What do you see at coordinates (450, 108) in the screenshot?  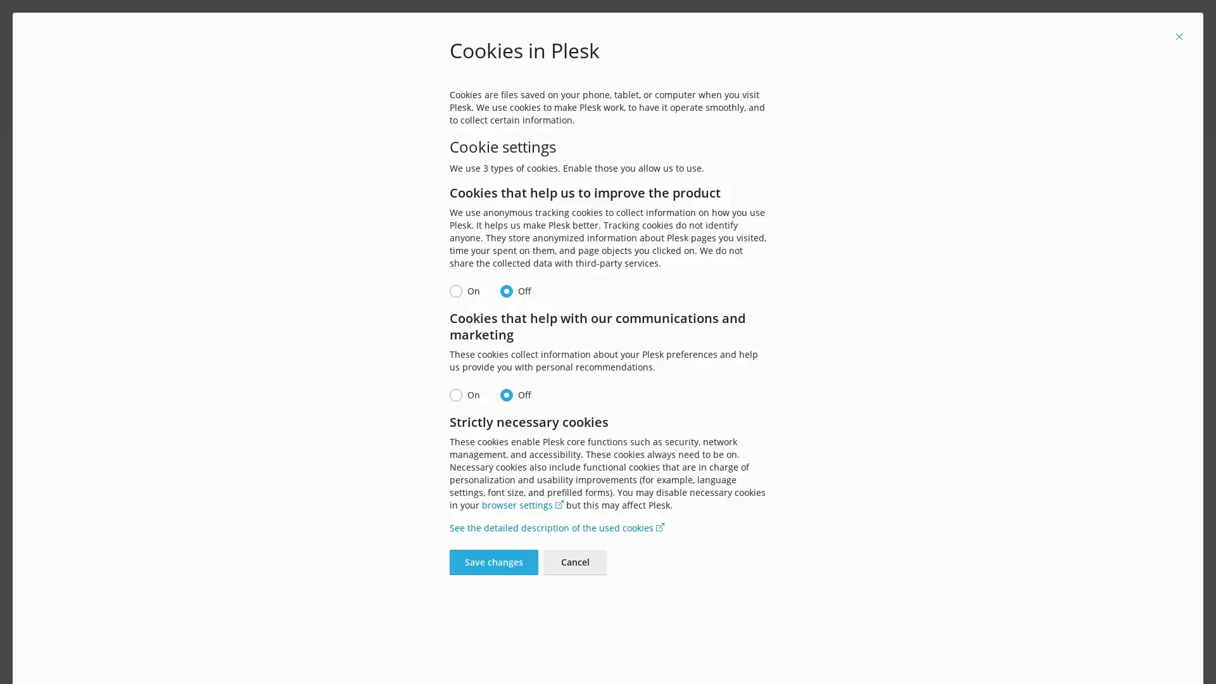 I see `Accept all cookies` at bounding box center [450, 108].